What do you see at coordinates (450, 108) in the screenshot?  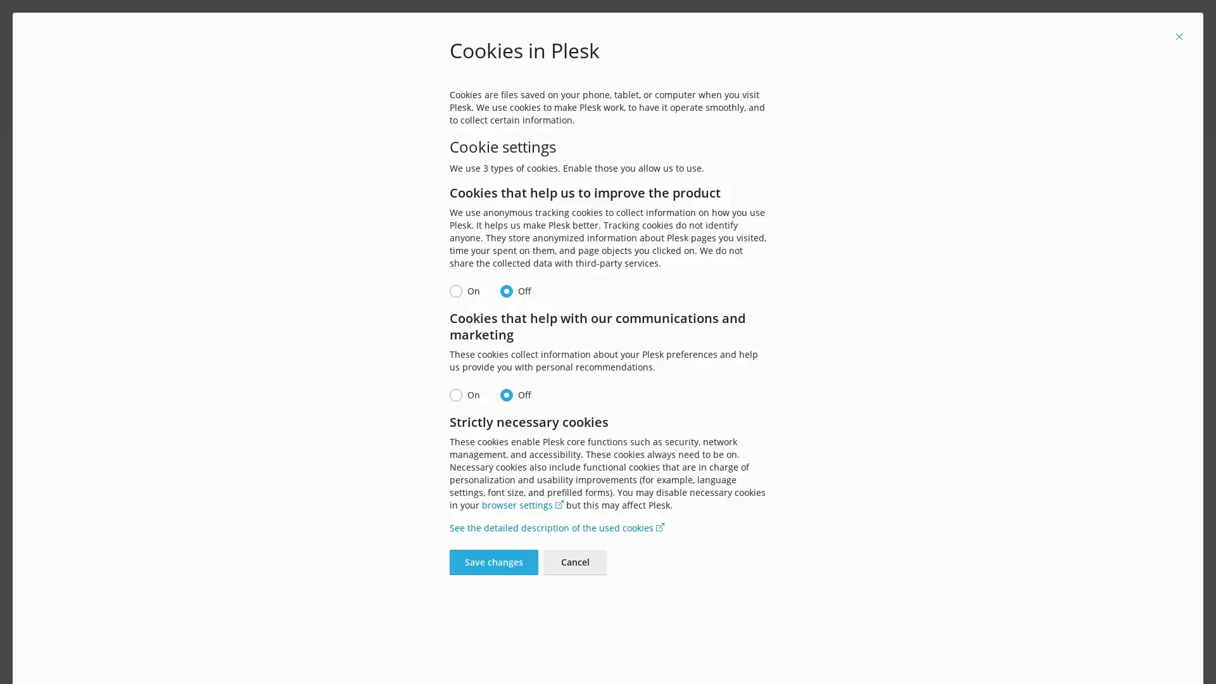 I see `Accept all cookies` at bounding box center [450, 108].